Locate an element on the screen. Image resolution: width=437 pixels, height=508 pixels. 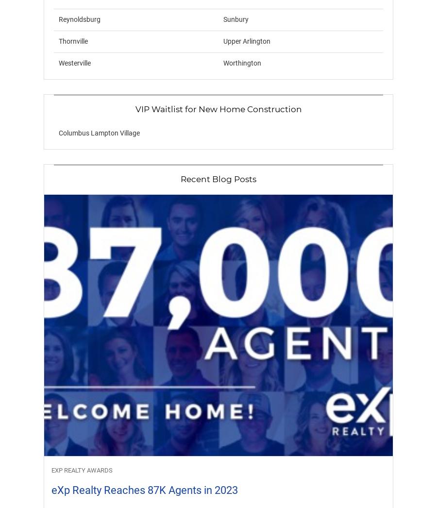
'Westerville' is located at coordinates (74, 63).